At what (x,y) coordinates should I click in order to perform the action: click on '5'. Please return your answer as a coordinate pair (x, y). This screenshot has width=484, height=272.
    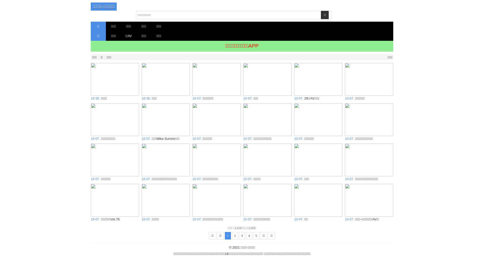
    Looking at the image, I should click on (256, 236).